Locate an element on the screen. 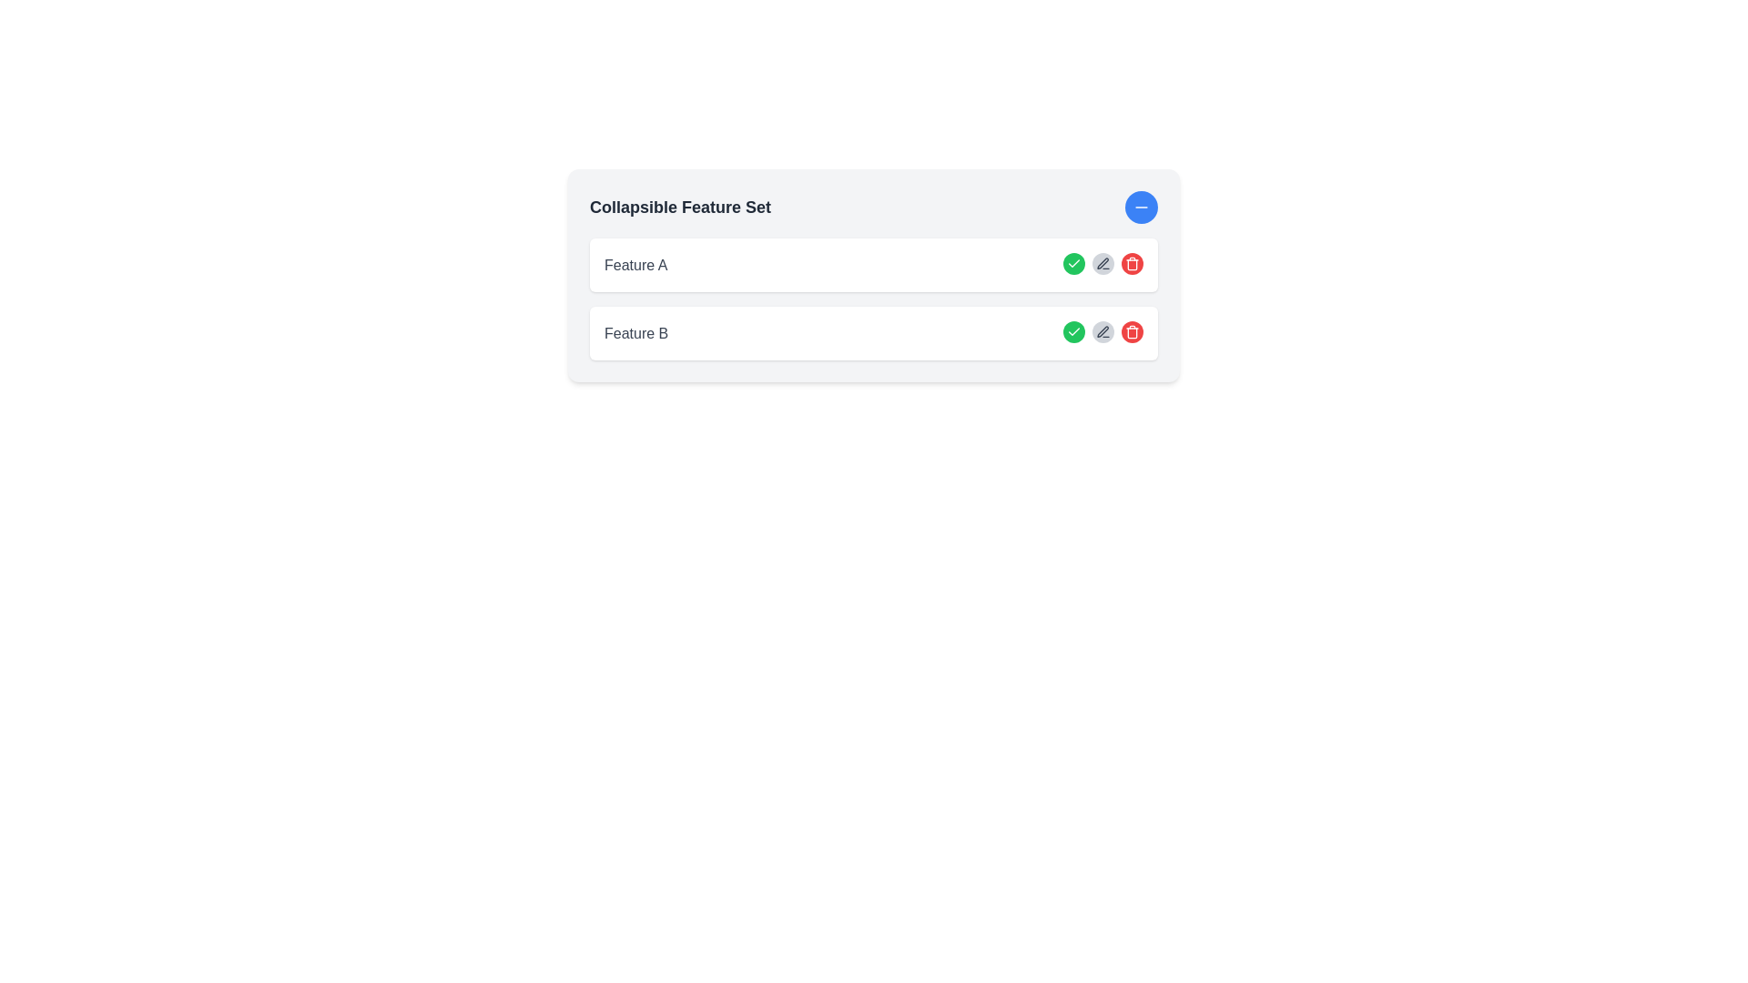 The image size is (1748, 983). the small pen icon button, which is styled as an SVG graphic and located to the right of the 'Feature A' label in the collapsible panel is located at coordinates (1102, 332).